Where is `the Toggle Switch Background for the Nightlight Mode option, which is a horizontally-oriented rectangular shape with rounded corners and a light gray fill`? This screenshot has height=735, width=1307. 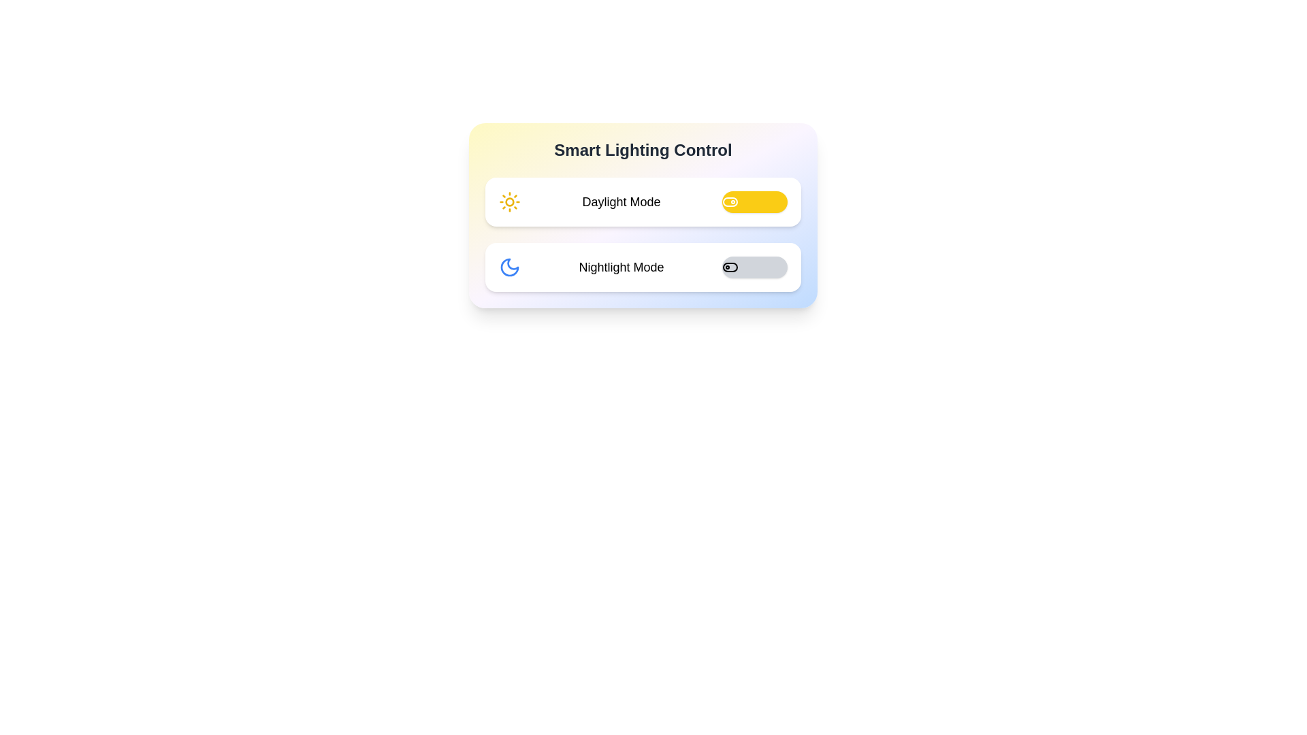 the Toggle Switch Background for the Nightlight Mode option, which is a horizontally-oriented rectangular shape with rounded corners and a light gray fill is located at coordinates (730, 267).